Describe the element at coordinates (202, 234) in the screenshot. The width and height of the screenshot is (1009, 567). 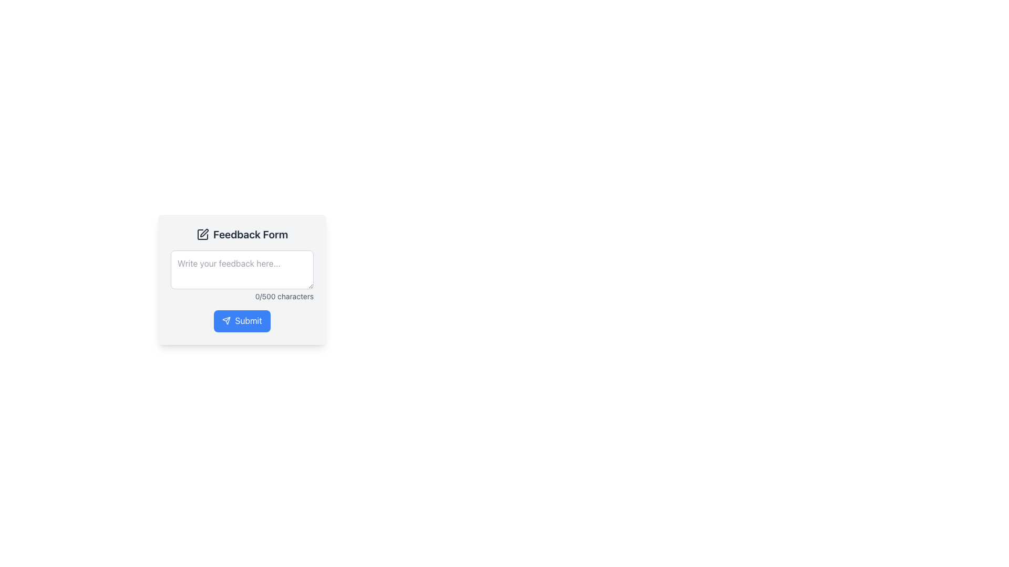
I see `the graphical icon representing feedback for the form, located to the left of the text 'Feedback Form'` at that location.